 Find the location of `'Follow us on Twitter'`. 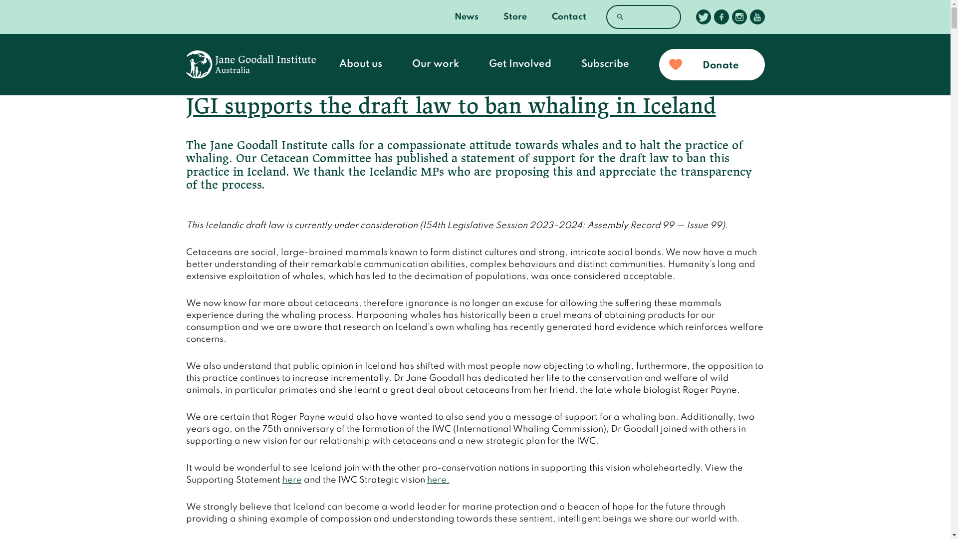

'Follow us on Twitter' is located at coordinates (703, 17).